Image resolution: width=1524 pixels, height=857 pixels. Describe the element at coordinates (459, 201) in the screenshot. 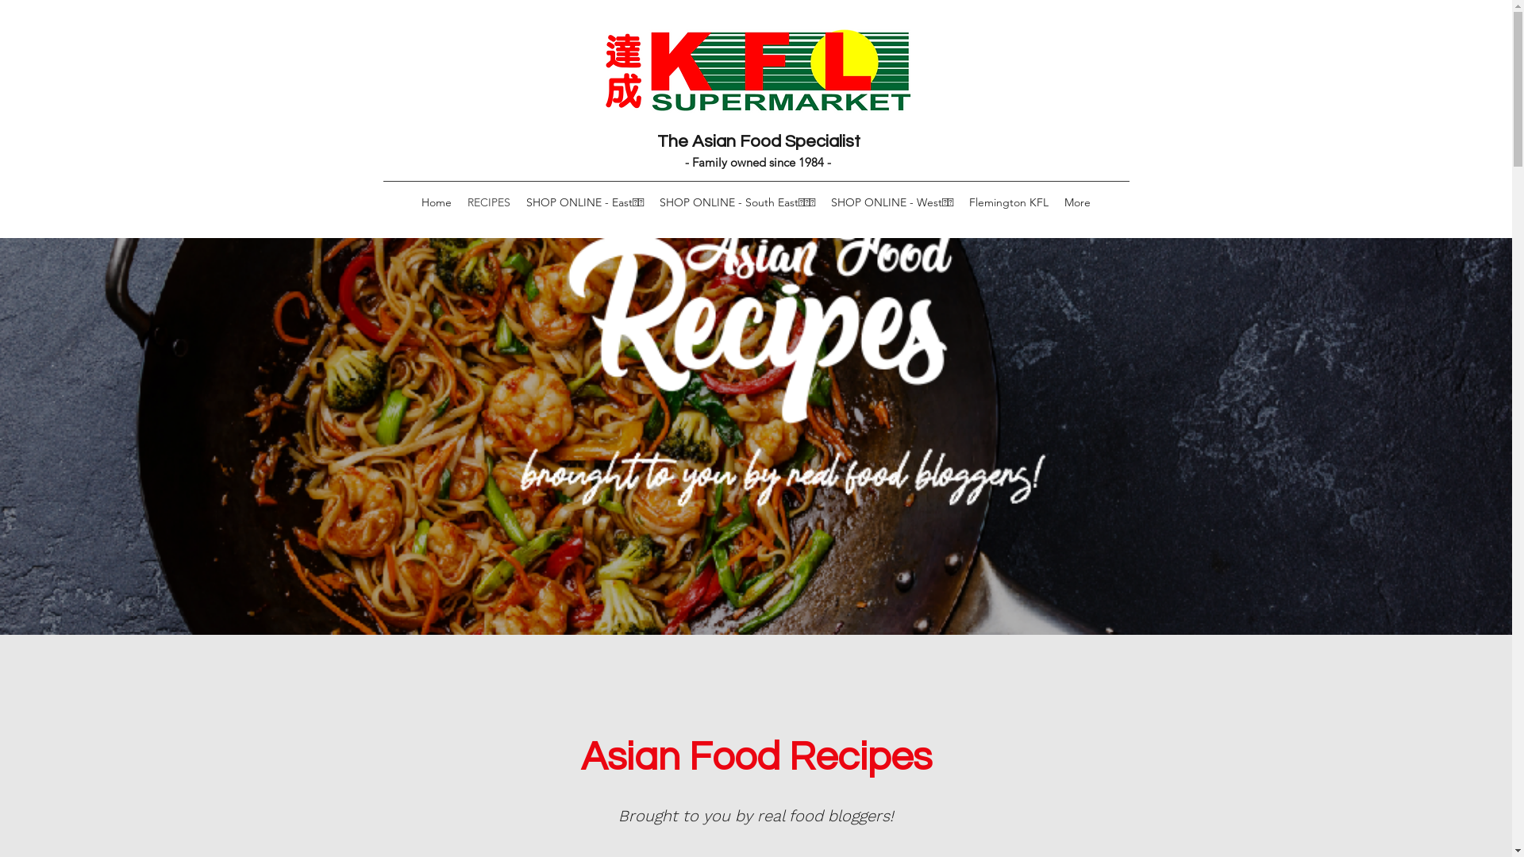

I see `'RECIPES'` at that location.